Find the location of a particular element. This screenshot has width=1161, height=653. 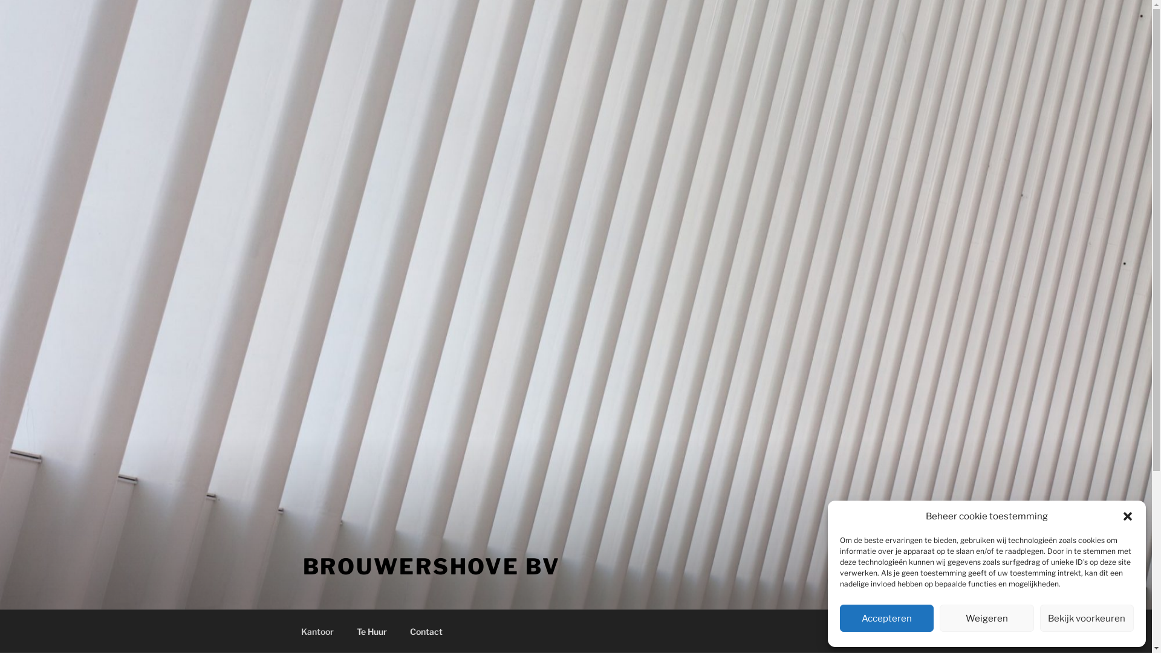

'Contact' is located at coordinates (426, 631).